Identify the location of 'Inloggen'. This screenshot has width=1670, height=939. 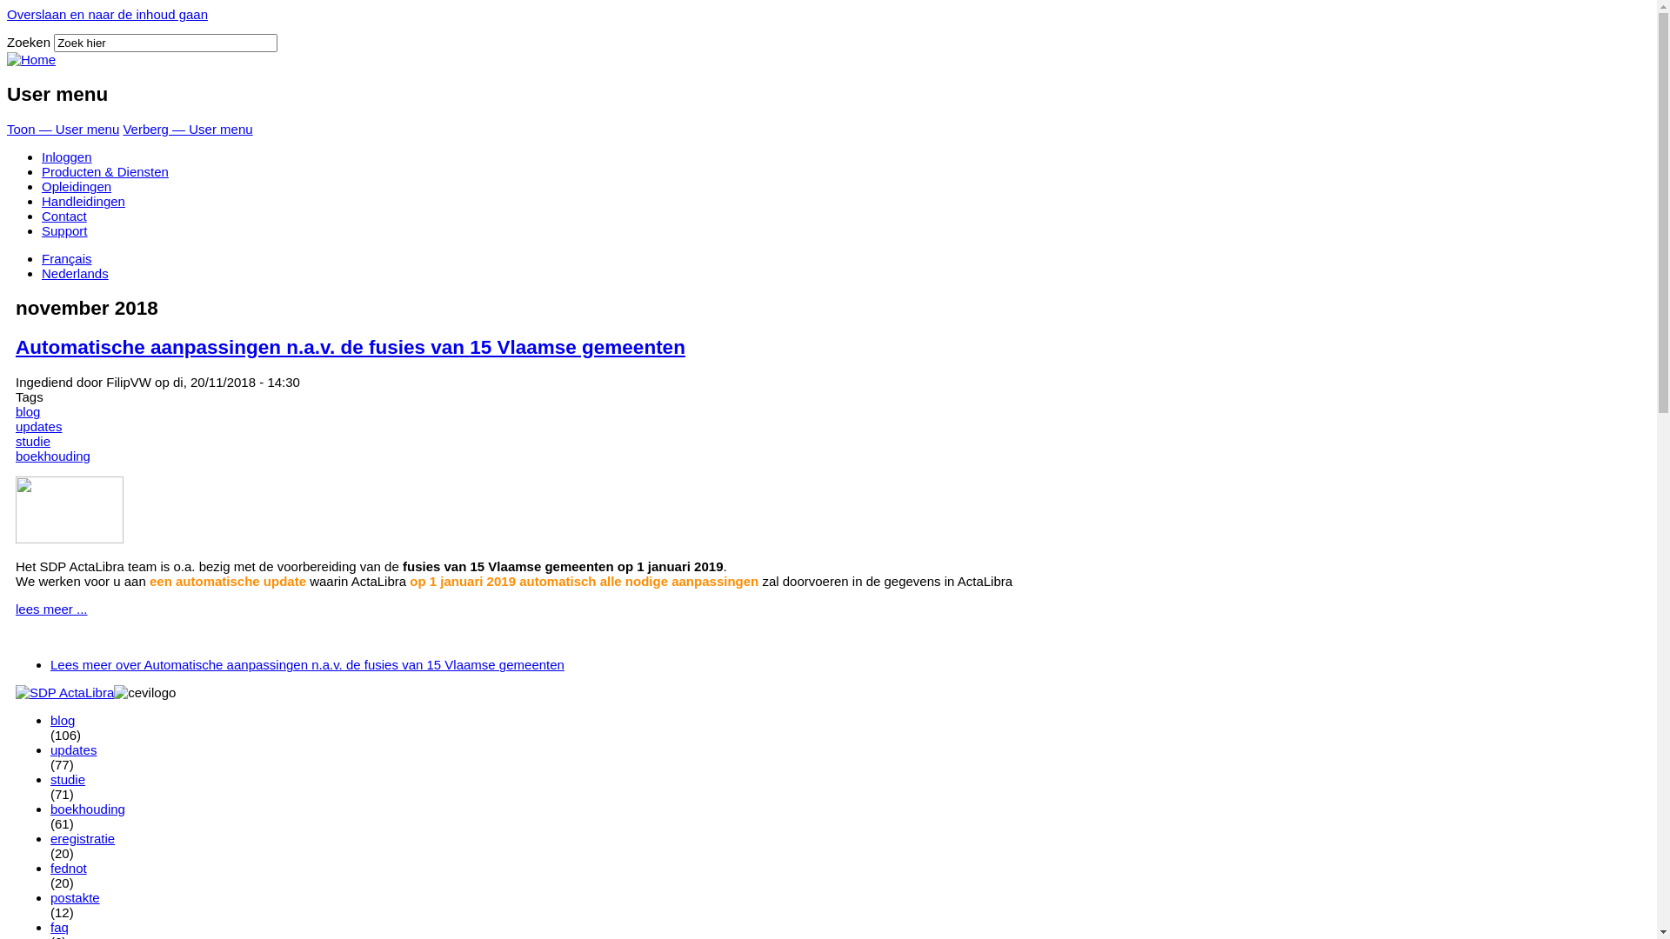
(66, 156).